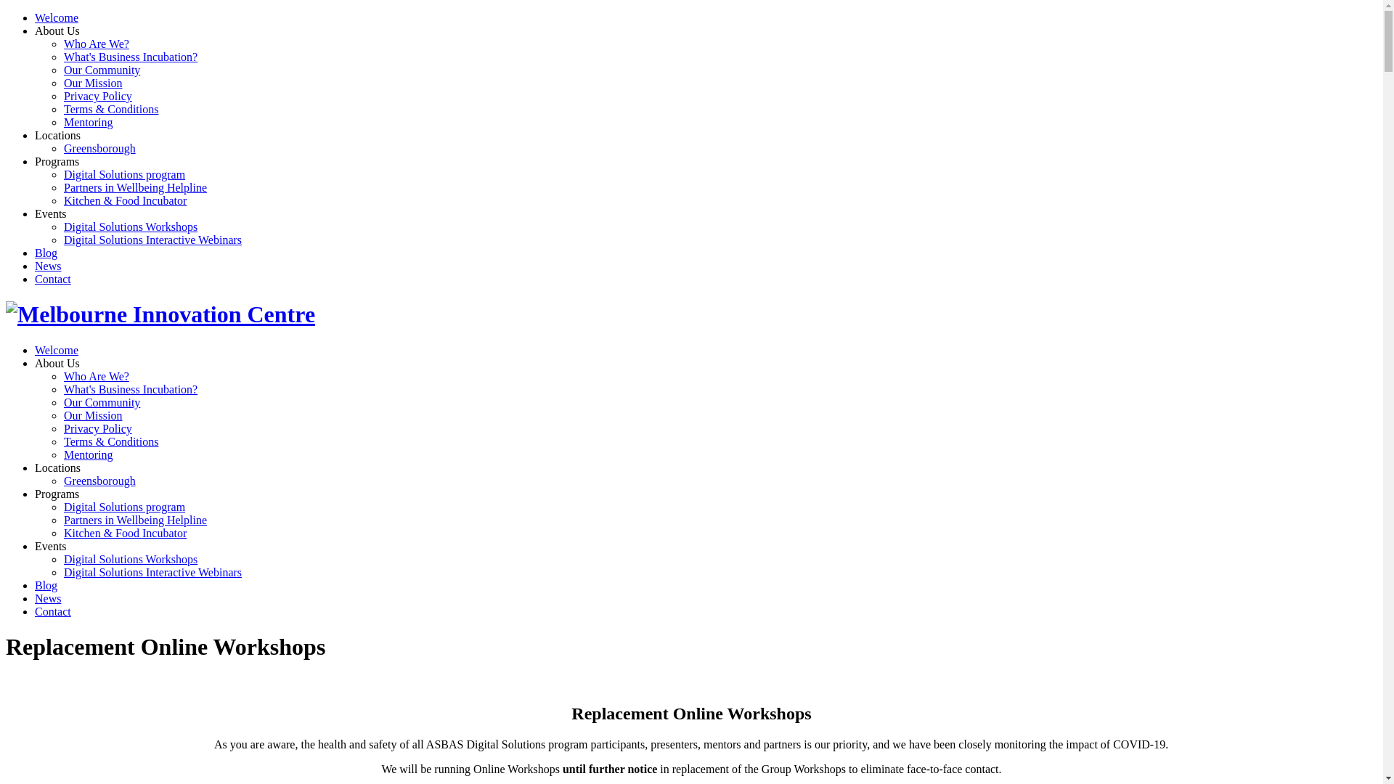 The width and height of the screenshot is (1394, 784). I want to click on 'Locations', so click(57, 135).